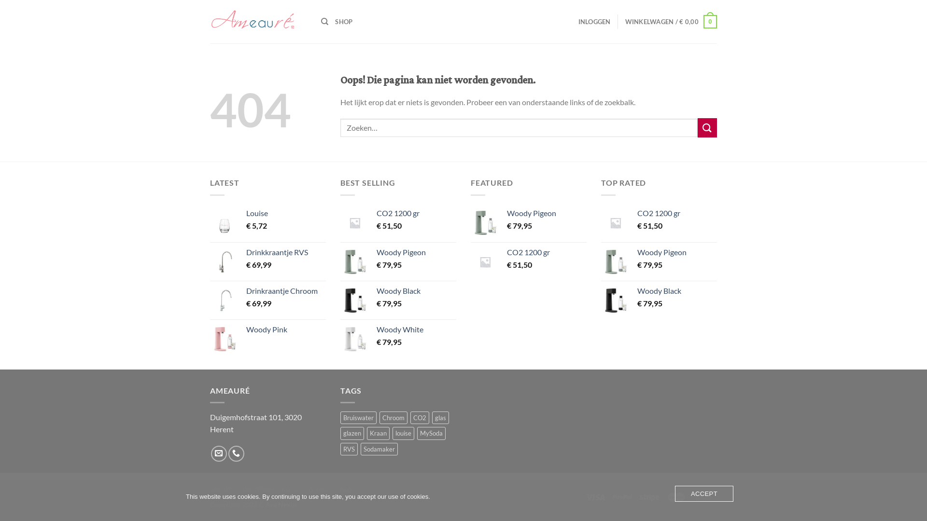 The image size is (927, 521). Describe the element at coordinates (416, 252) in the screenshot. I see `'Woody Pigeon'` at that location.